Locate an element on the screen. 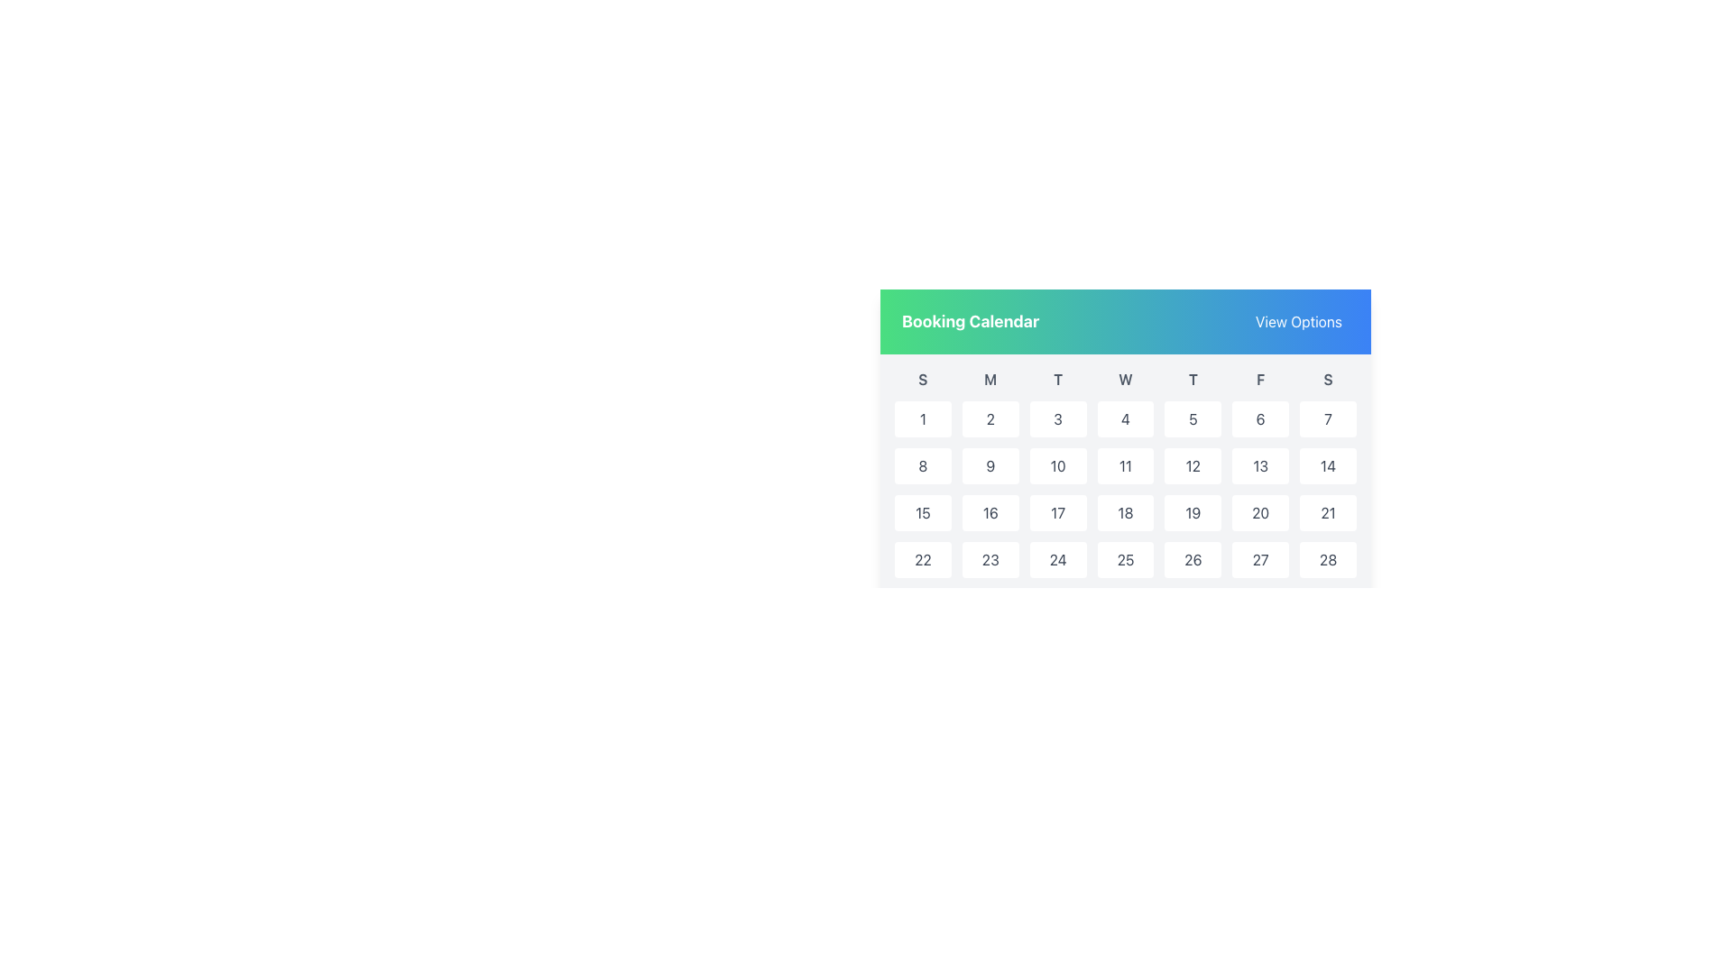 This screenshot has height=974, width=1732. the date cell displaying '17' in the calendar grid is located at coordinates (1058, 513).